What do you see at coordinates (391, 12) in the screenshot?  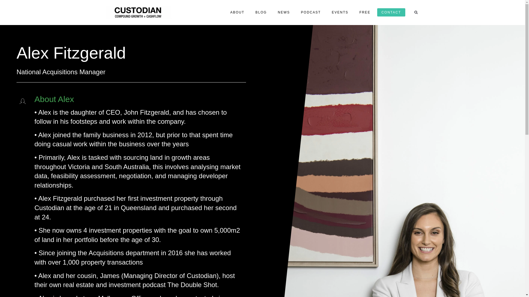 I see `'CONTACT'` at bounding box center [391, 12].